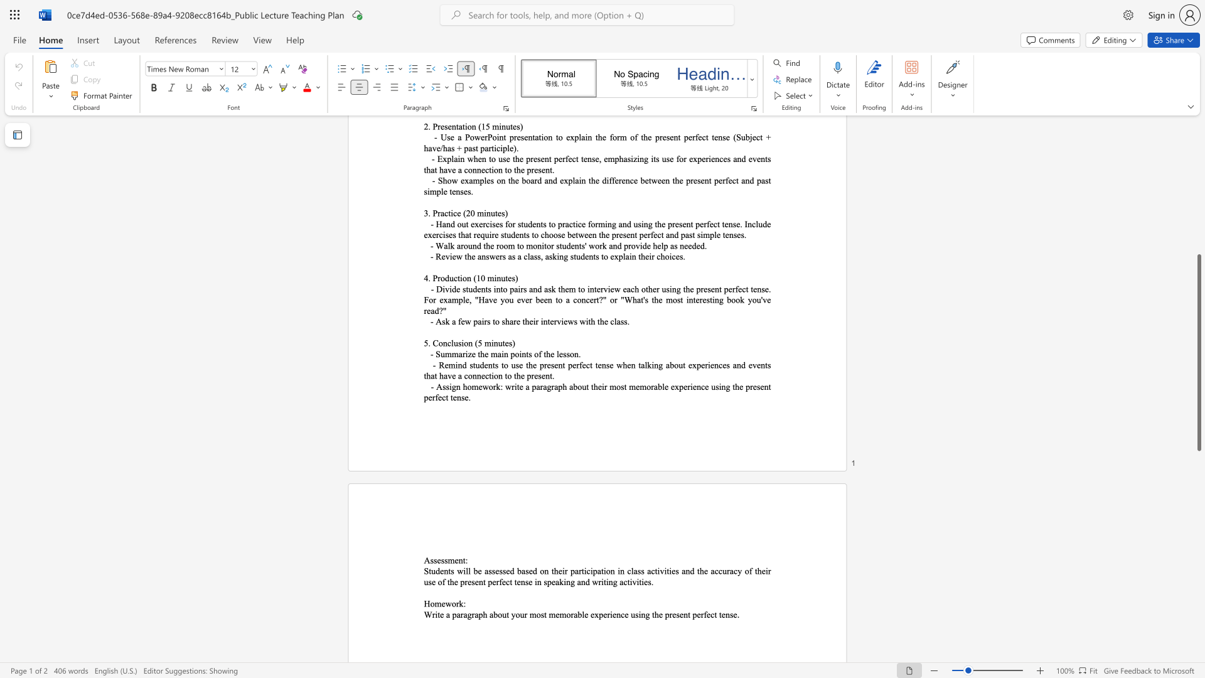  I want to click on the scrollbar and move up 270 pixels, so click(1198, 352).